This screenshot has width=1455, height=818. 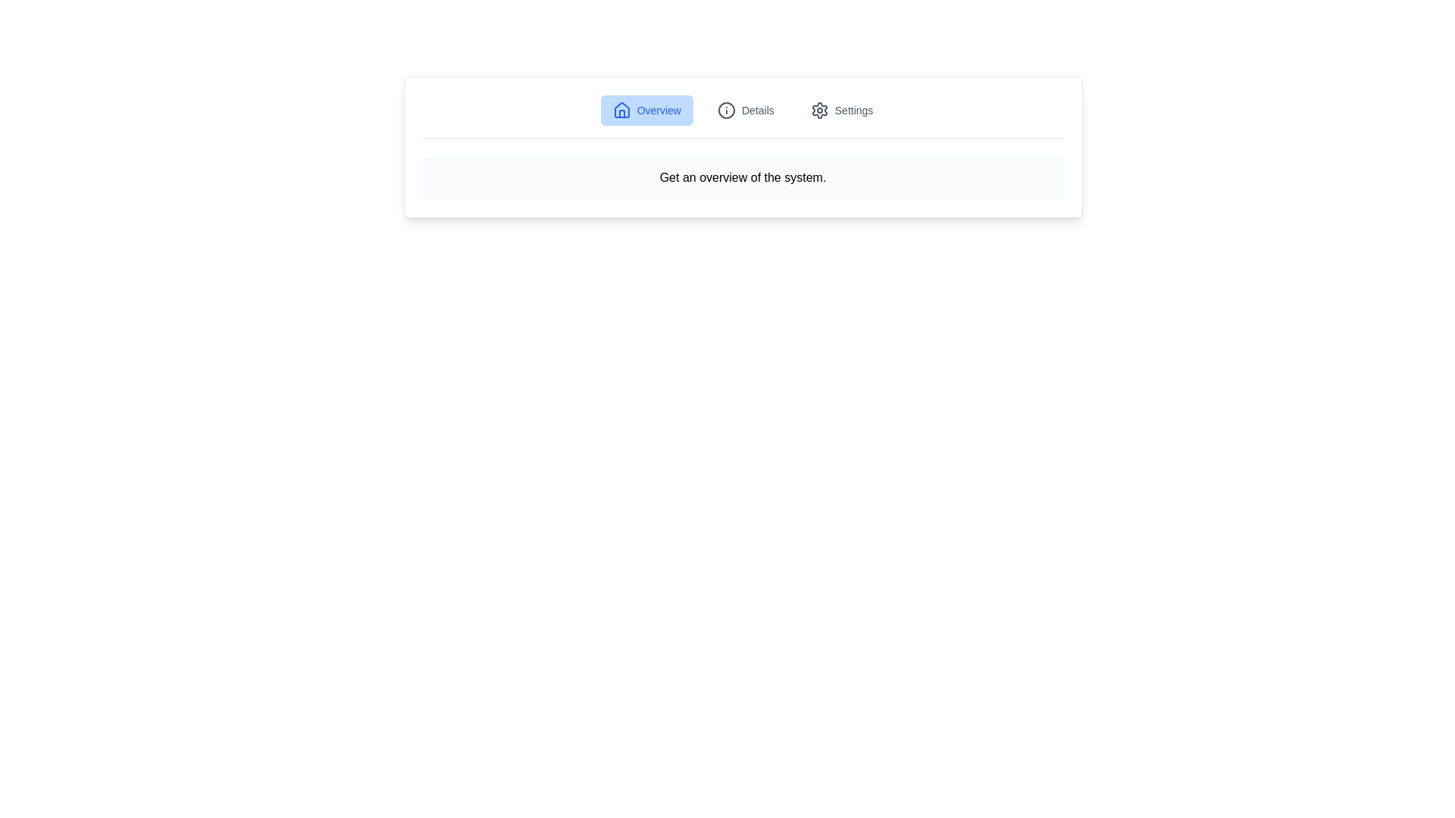 I want to click on the gear-shaped icon element in the navigation bar, located adjacent to the 'Details' text, so click(x=818, y=110).